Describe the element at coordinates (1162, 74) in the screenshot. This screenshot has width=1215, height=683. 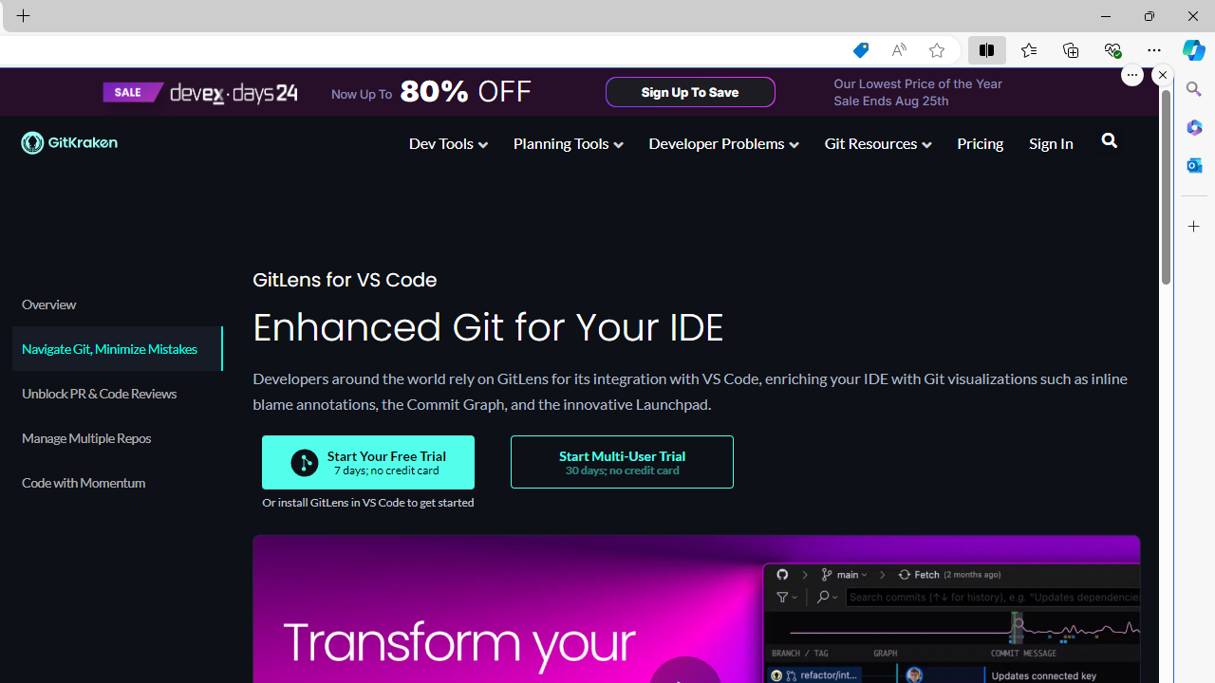
I see `'Close split screen.'` at that location.